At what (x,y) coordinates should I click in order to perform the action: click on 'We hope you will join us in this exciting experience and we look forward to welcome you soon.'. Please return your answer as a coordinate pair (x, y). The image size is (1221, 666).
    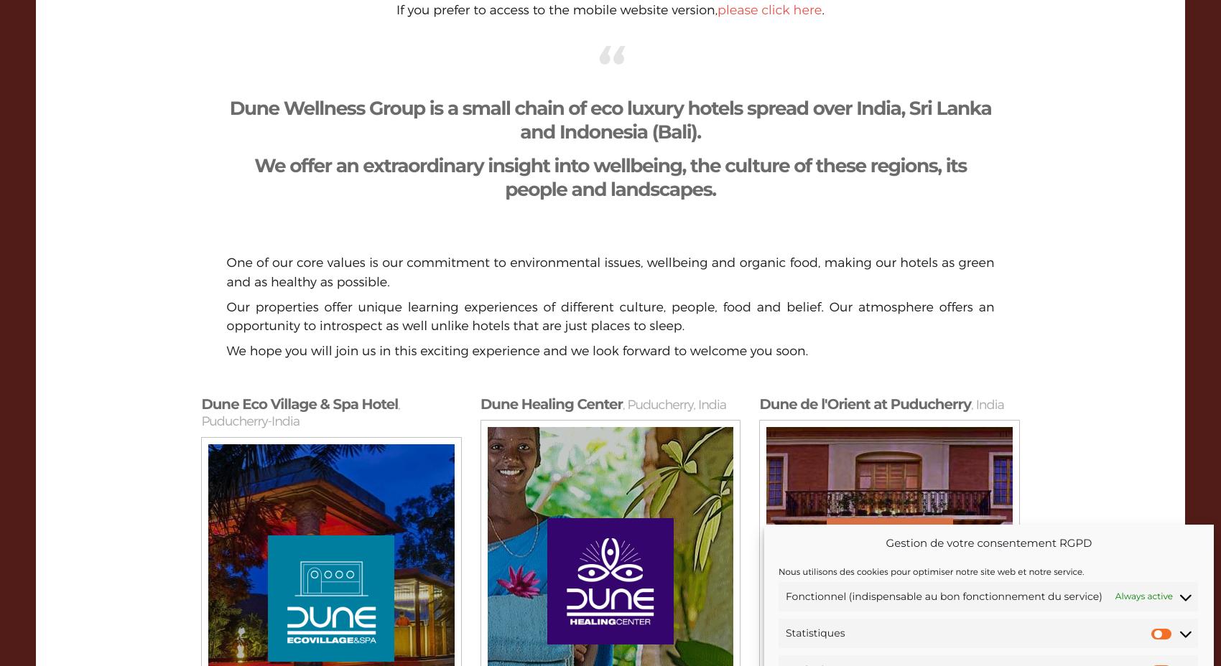
    Looking at the image, I should click on (226, 350).